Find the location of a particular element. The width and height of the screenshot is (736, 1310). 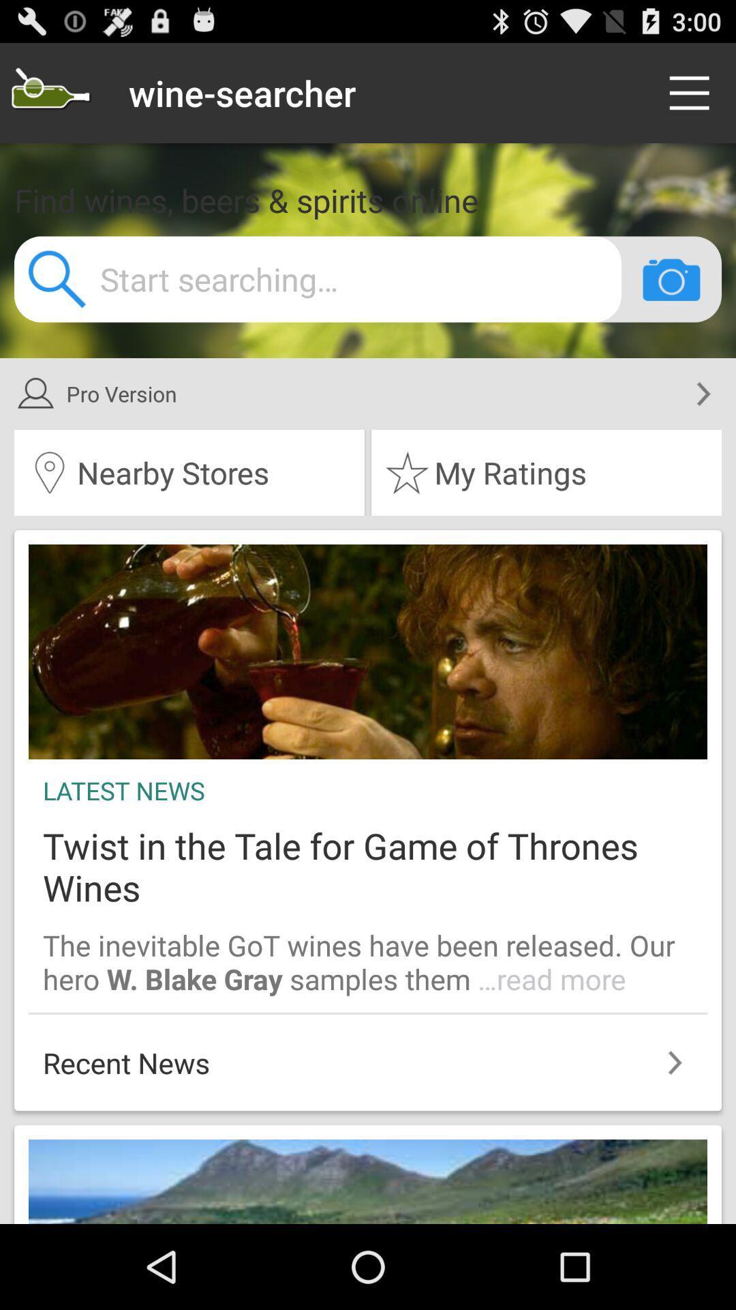

my ratings icon is located at coordinates (546, 472).